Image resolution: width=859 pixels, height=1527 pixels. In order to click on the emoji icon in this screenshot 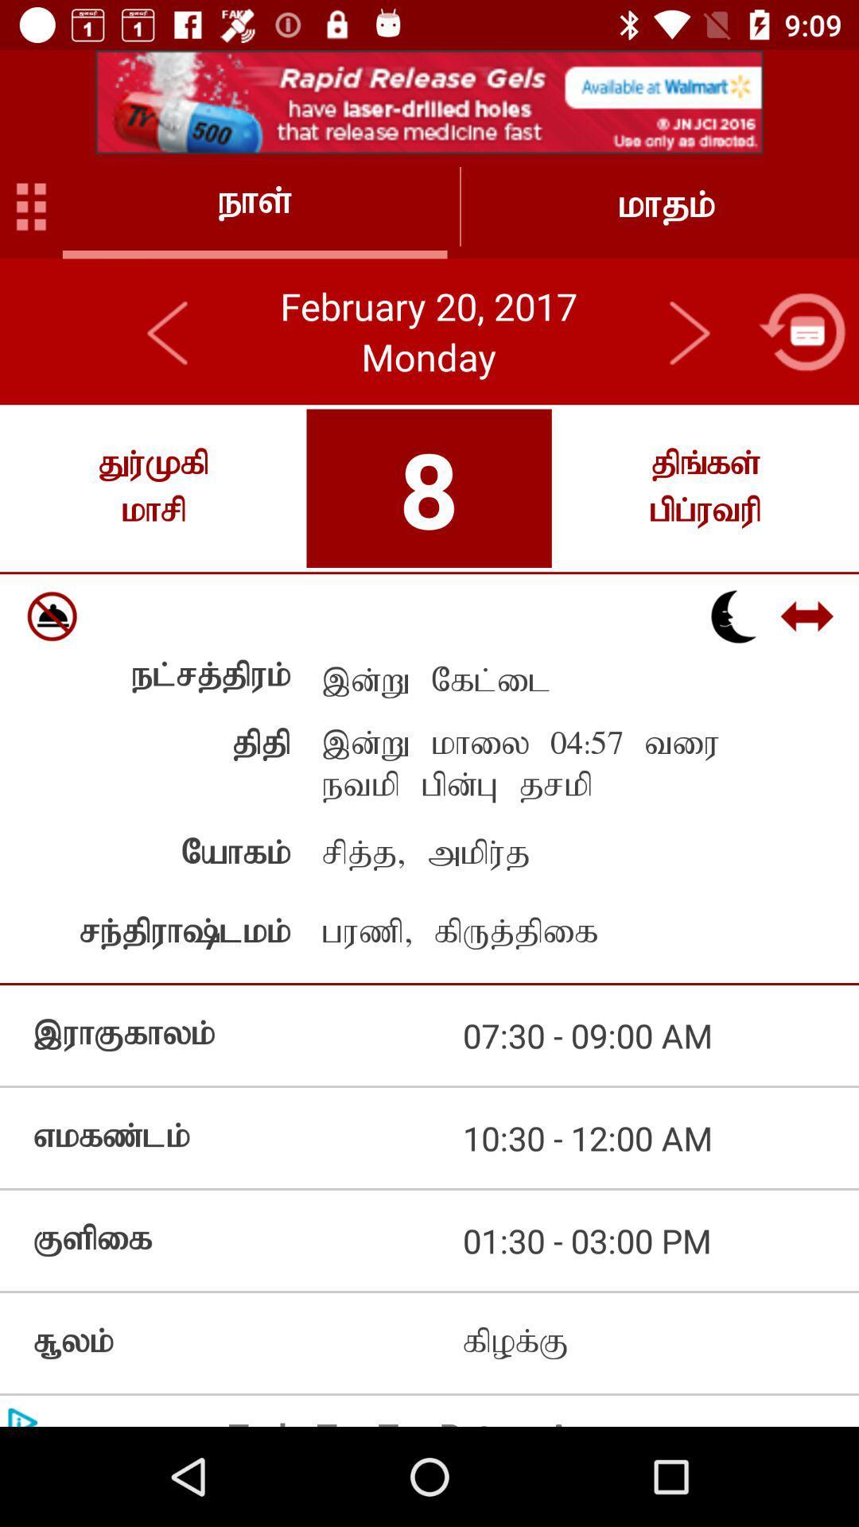, I will do `click(51, 616)`.